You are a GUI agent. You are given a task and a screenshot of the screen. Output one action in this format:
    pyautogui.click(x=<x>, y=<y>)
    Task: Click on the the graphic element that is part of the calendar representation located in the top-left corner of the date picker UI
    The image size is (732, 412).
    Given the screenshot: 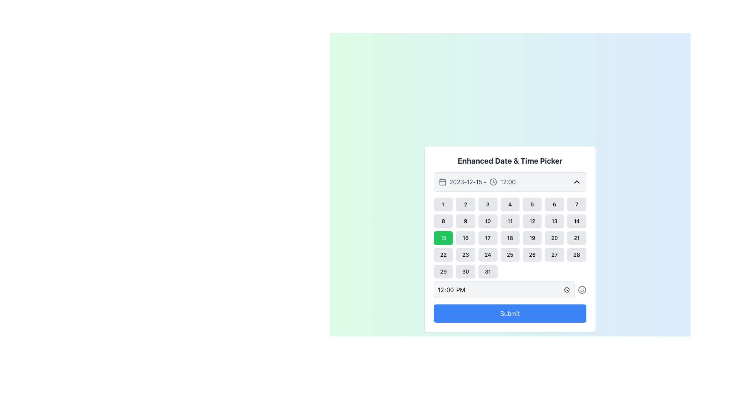 What is the action you would take?
    pyautogui.click(x=443, y=182)
    